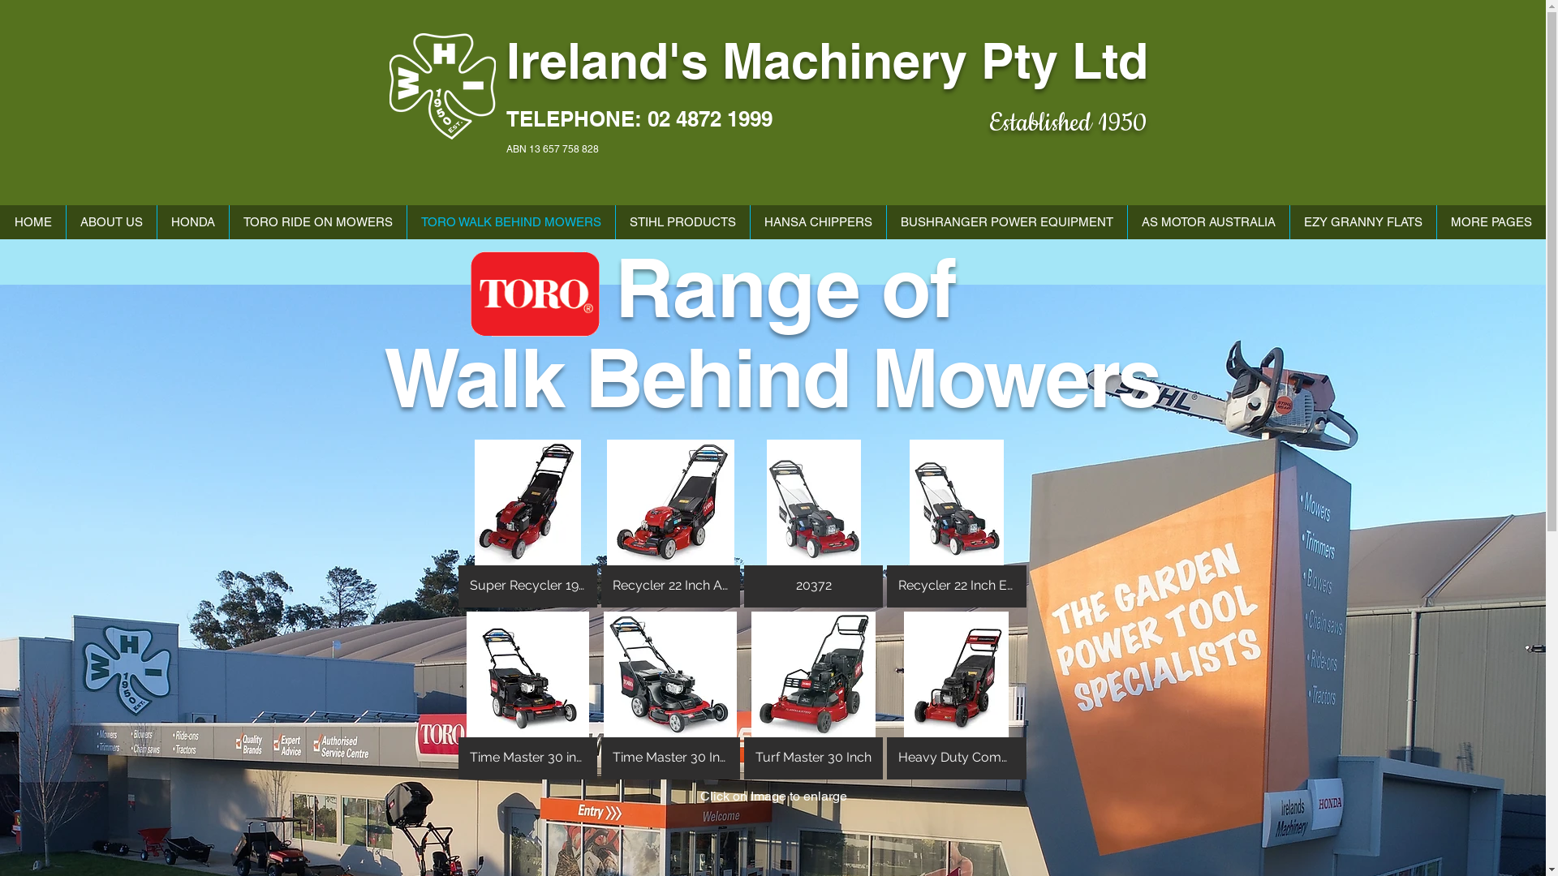 Image resolution: width=1558 pixels, height=876 pixels. What do you see at coordinates (1288, 221) in the screenshot?
I see `'EZY GRANNY FLATS'` at bounding box center [1288, 221].